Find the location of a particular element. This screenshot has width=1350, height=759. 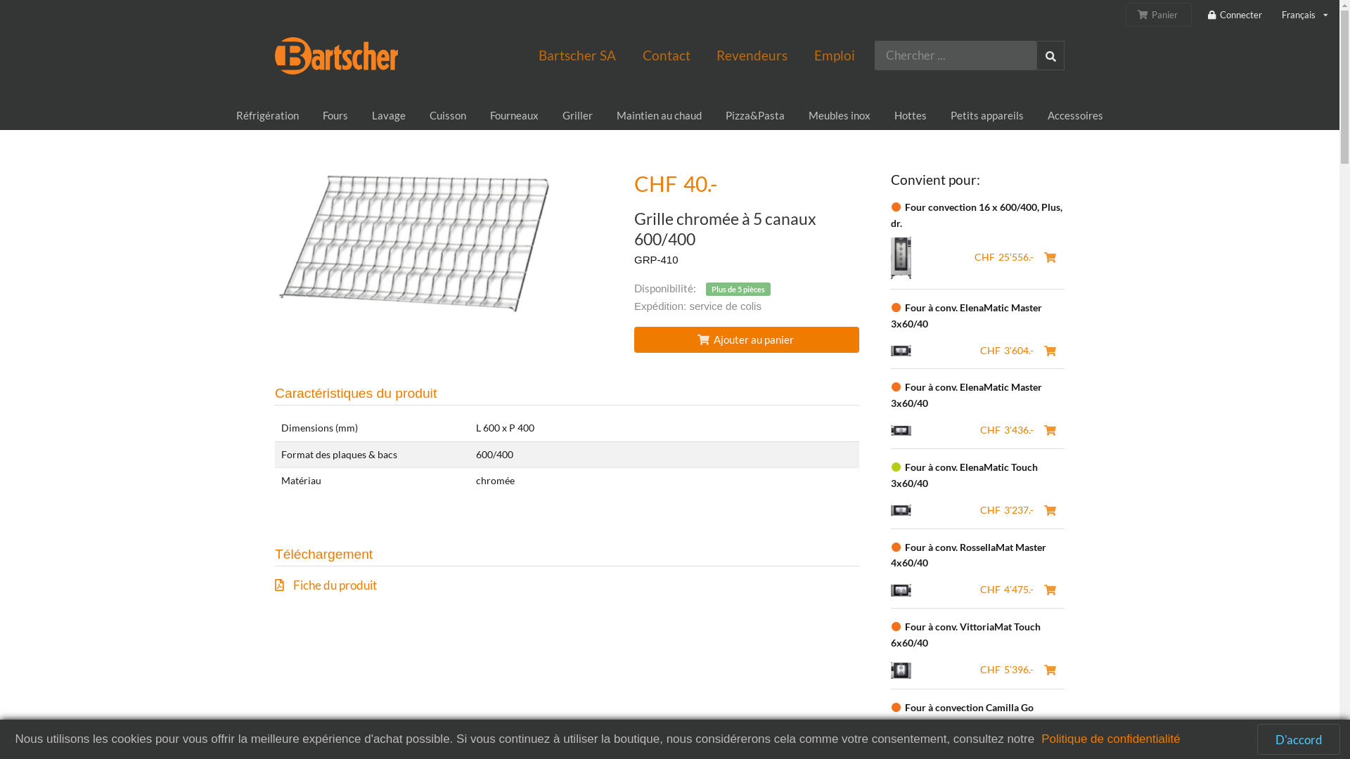

'D'accord' is located at coordinates (1298, 739).